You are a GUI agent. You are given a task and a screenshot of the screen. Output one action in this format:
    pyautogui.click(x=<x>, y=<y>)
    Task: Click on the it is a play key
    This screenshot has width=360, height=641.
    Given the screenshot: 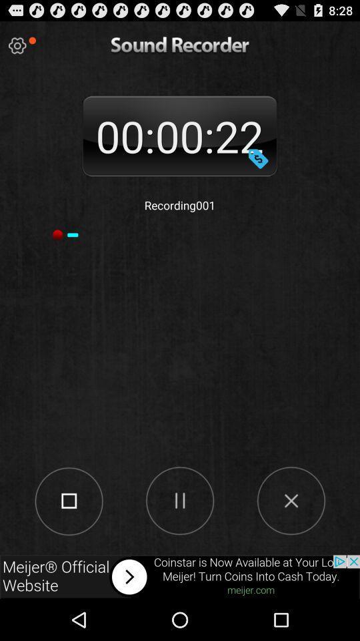 What is the action you would take?
    pyautogui.click(x=179, y=499)
    